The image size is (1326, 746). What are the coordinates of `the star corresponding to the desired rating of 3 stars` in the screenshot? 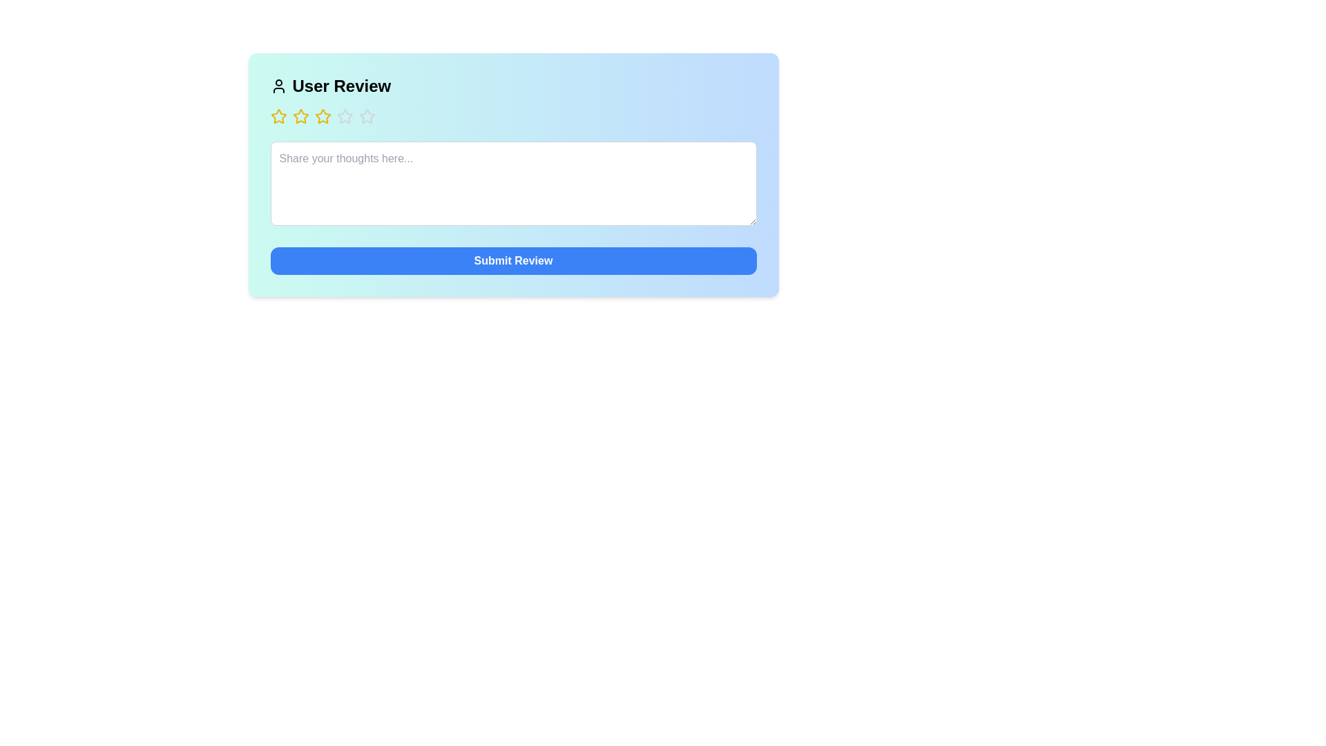 It's located at (322, 116).